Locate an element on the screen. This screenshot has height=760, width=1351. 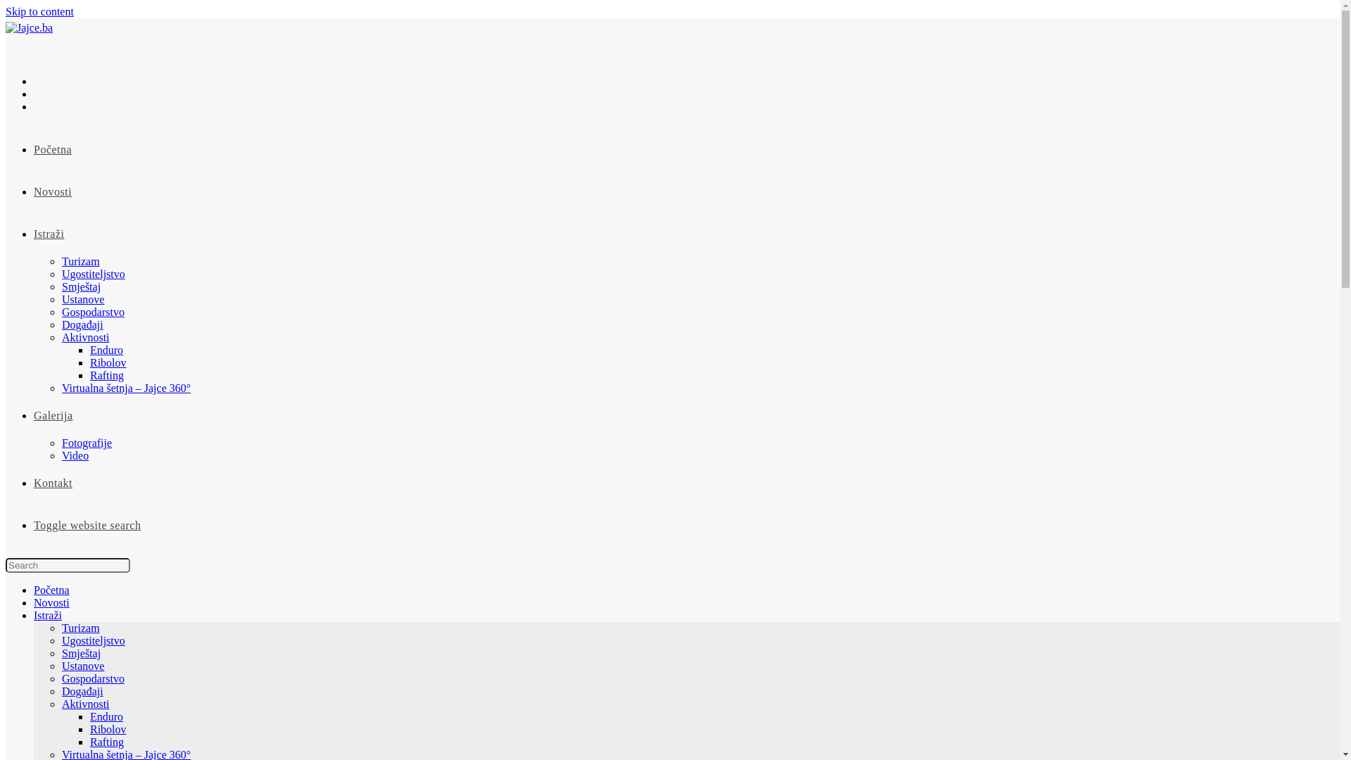
'Ribolov' is located at coordinates (107, 728).